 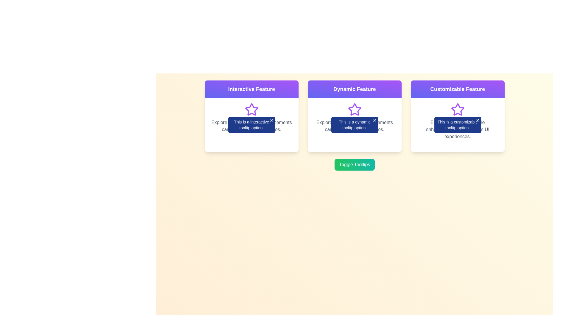 What do you see at coordinates (354, 125) in the screenshot?
I see `the 'X' icon on the tooltip with dark blue background and white text reading 'This is a dynamic tooltip option.'` at bounding box center [354, 125].